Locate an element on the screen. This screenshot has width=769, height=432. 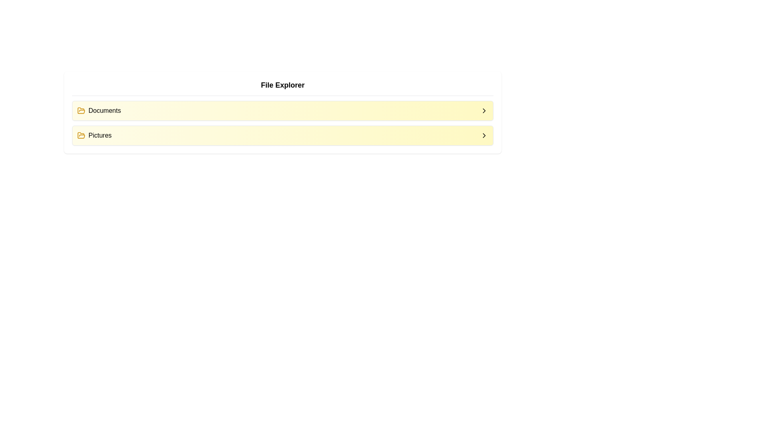
the right-pointing chevron icon in the SVG graphic adjacent to the 'Pictures' entry in the list to emphasize the item is located at coordinates (484, 135).